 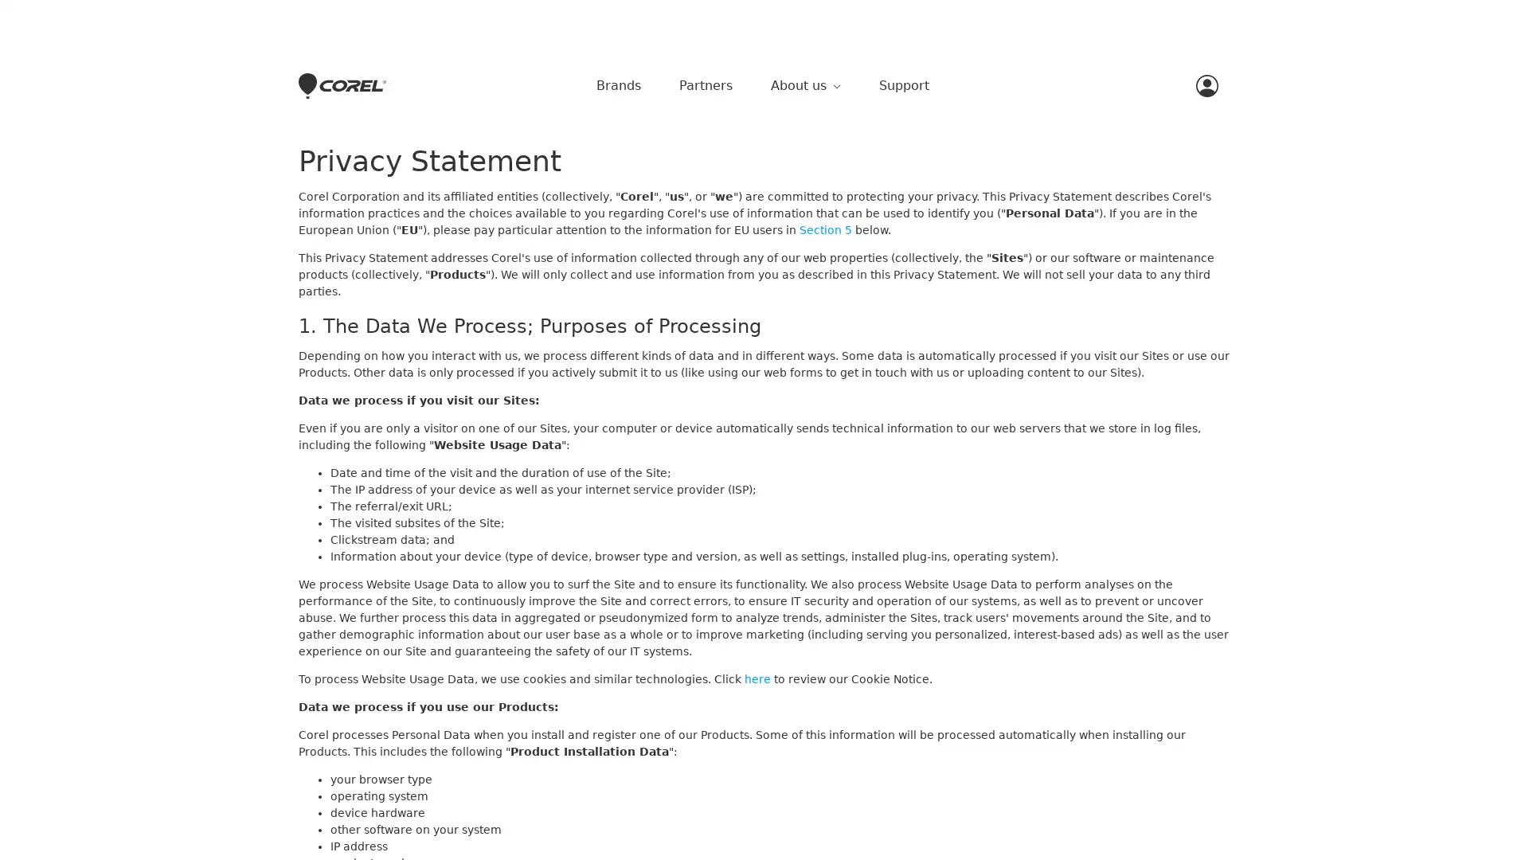 I want to click on Close, so click(x=964, y=21).